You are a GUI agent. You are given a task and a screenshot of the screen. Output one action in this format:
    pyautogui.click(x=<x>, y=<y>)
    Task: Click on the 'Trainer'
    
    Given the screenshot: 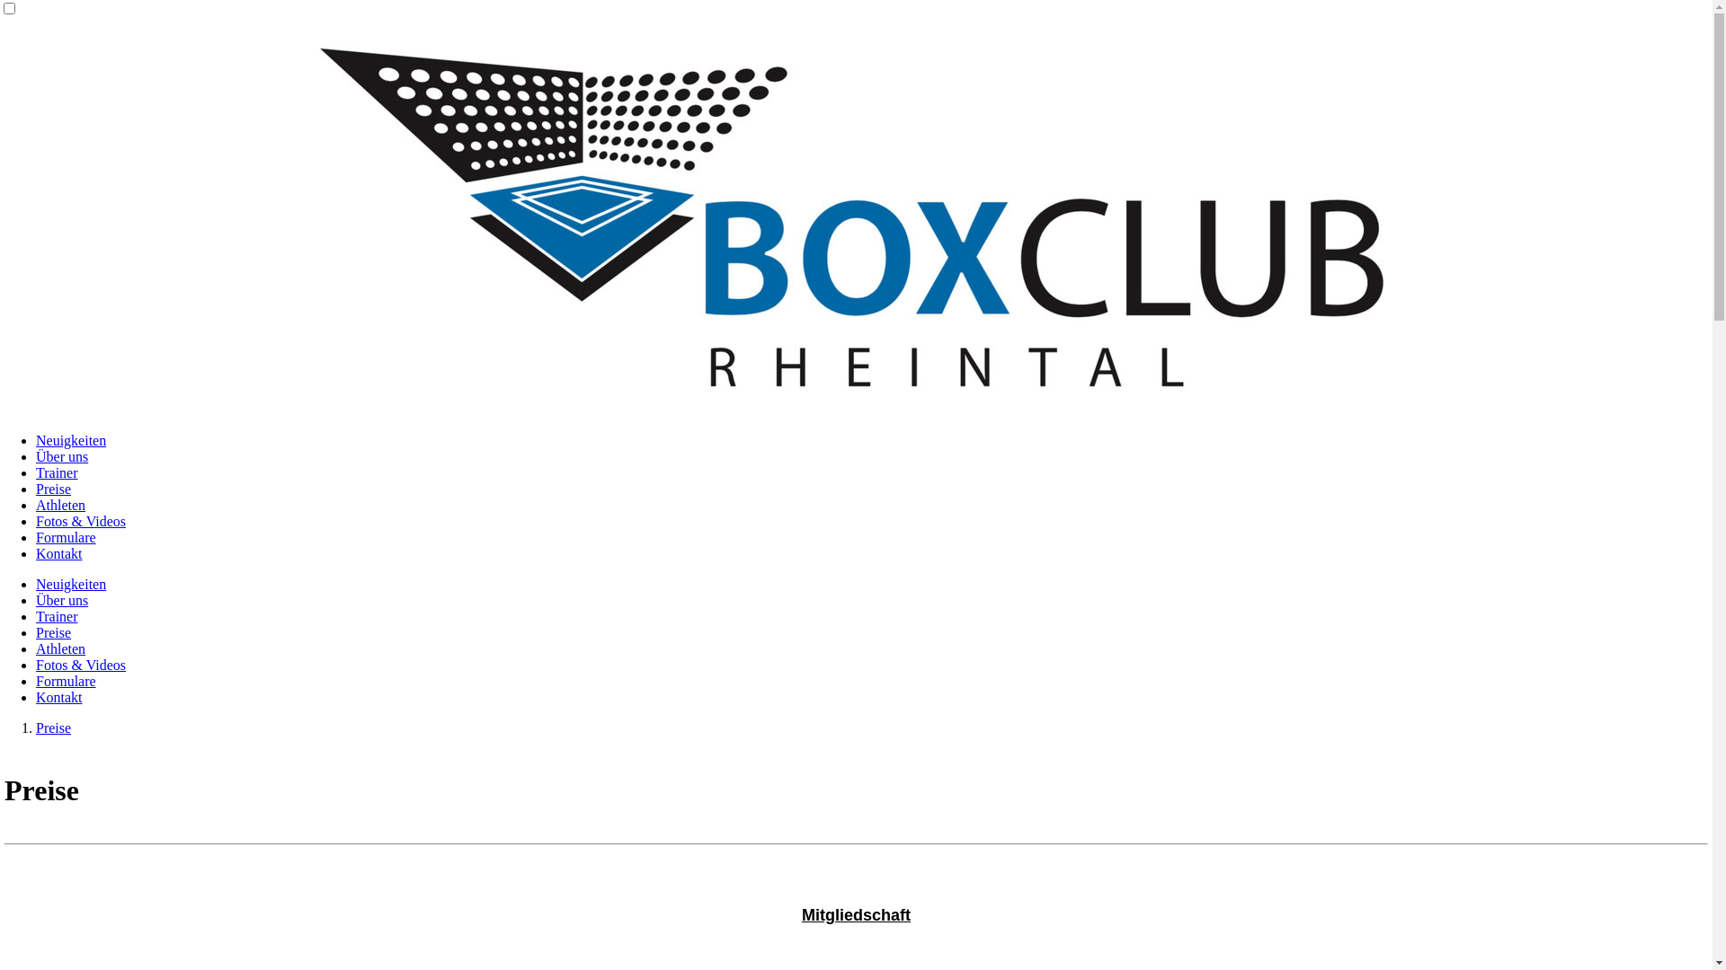 What is the action you would take?
    pyautogui.click(x=57, y=472)
    